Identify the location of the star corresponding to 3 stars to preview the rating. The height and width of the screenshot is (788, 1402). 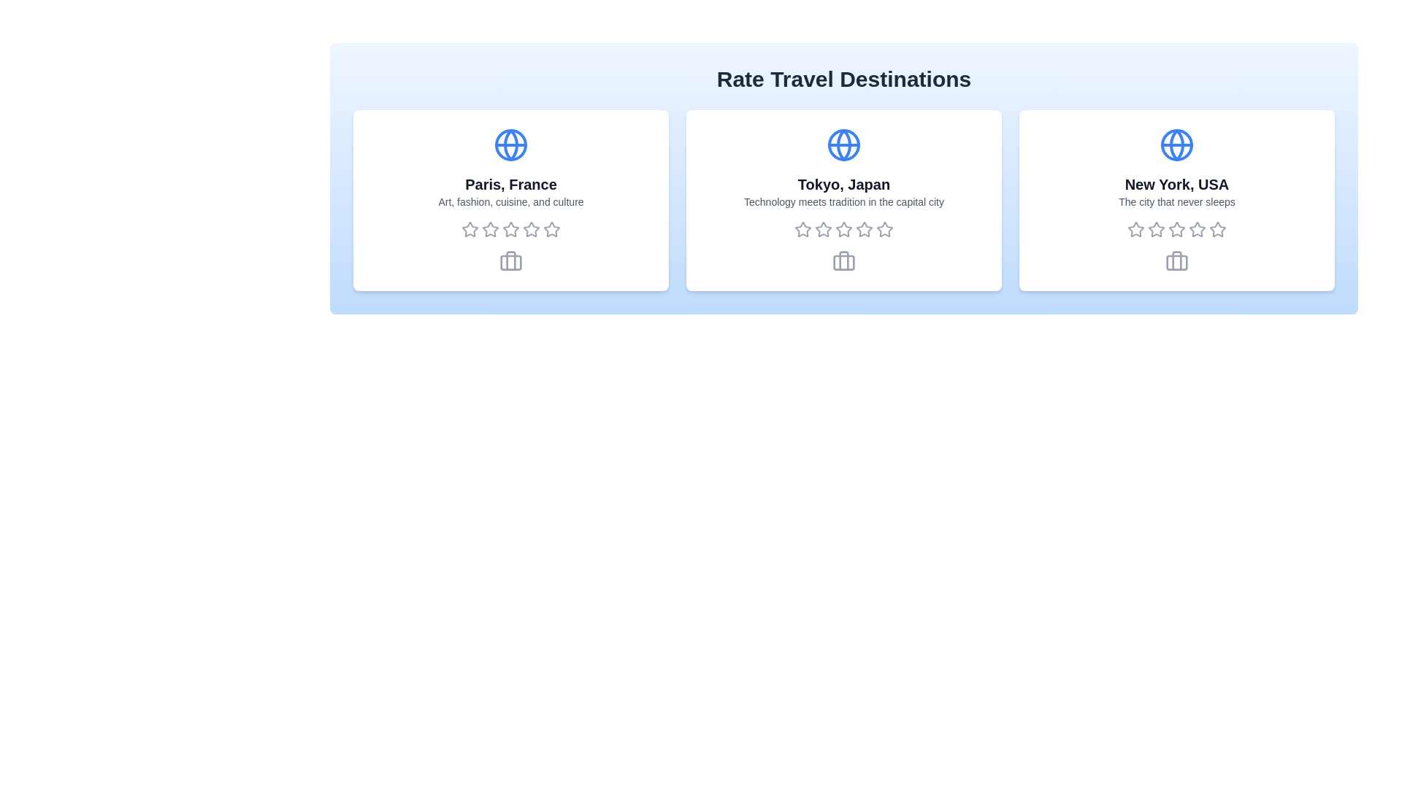
(511, 230).